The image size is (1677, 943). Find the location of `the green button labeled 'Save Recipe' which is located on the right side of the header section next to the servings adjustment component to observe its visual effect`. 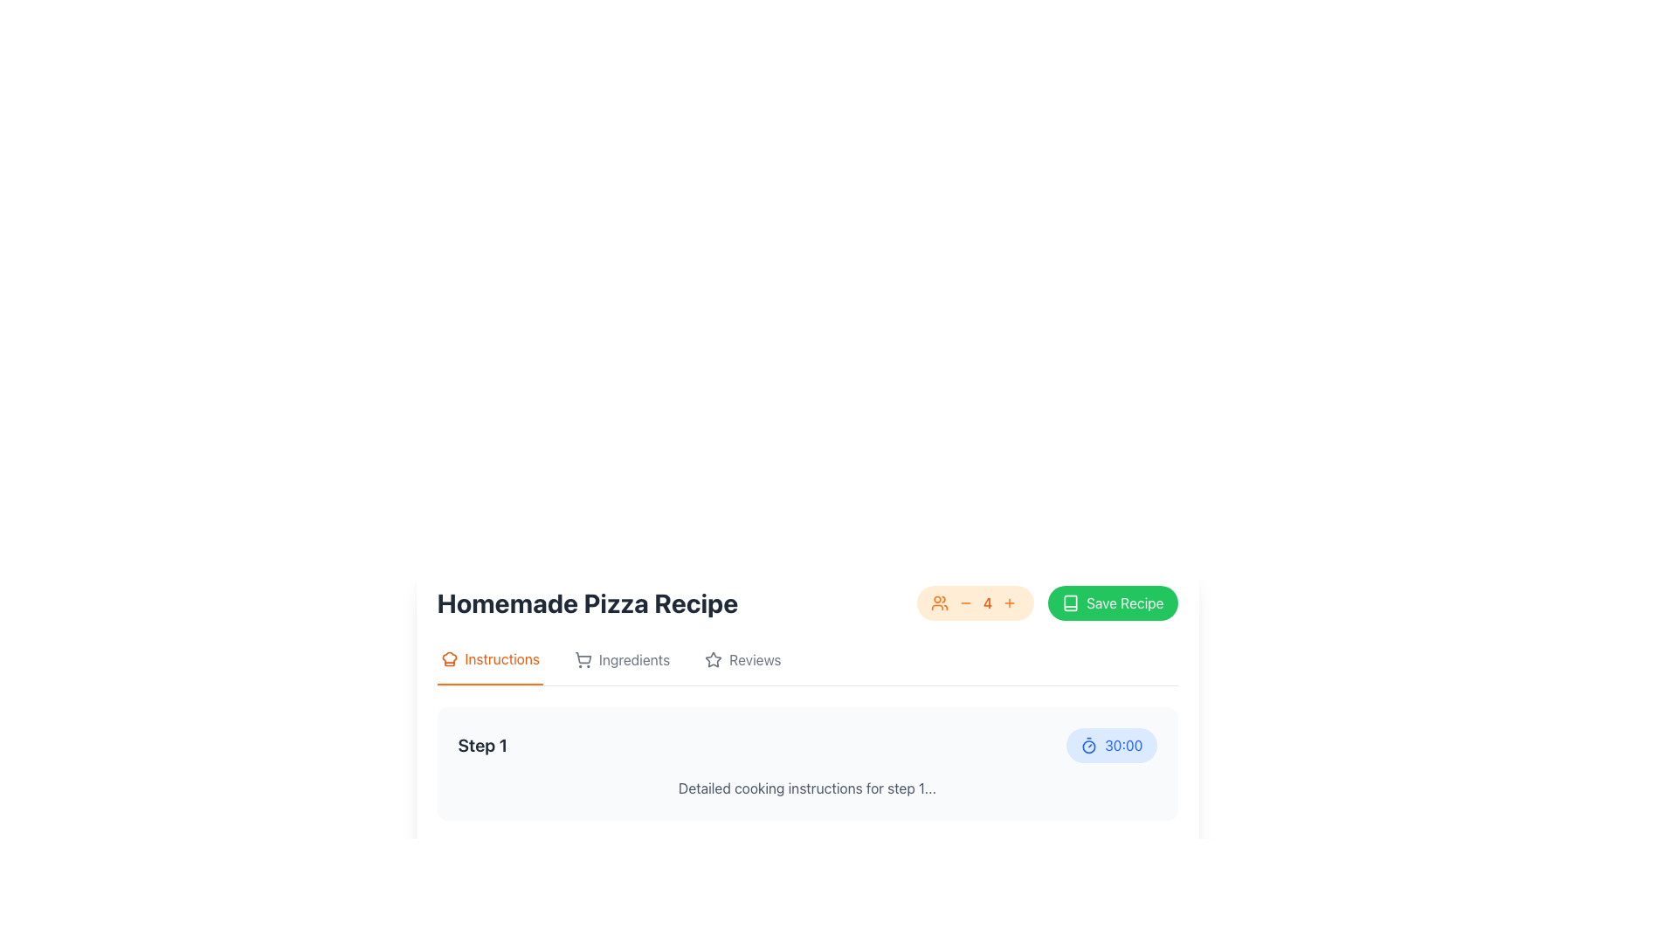

the green button labeled 'Save Recipe' which is located on the right side of the header section next to the servings adjustment component to observe its visual effect is located at coordinates (1047, 602).